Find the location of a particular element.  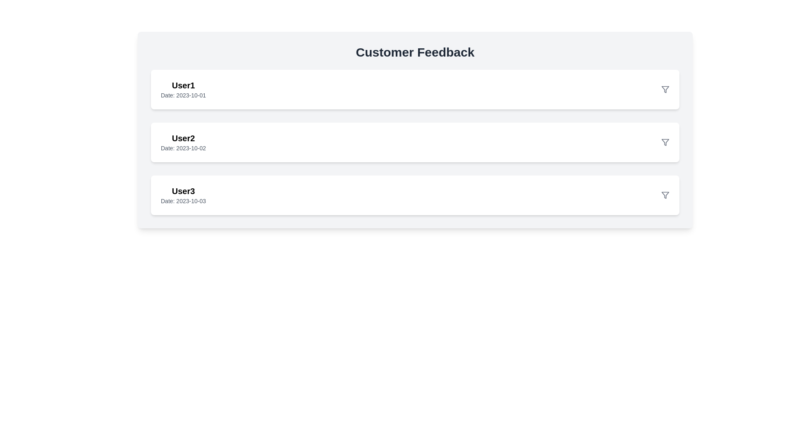

the Filter icon located at the topmost and rightmost part of the first content row is located at coordinates (665, 89).